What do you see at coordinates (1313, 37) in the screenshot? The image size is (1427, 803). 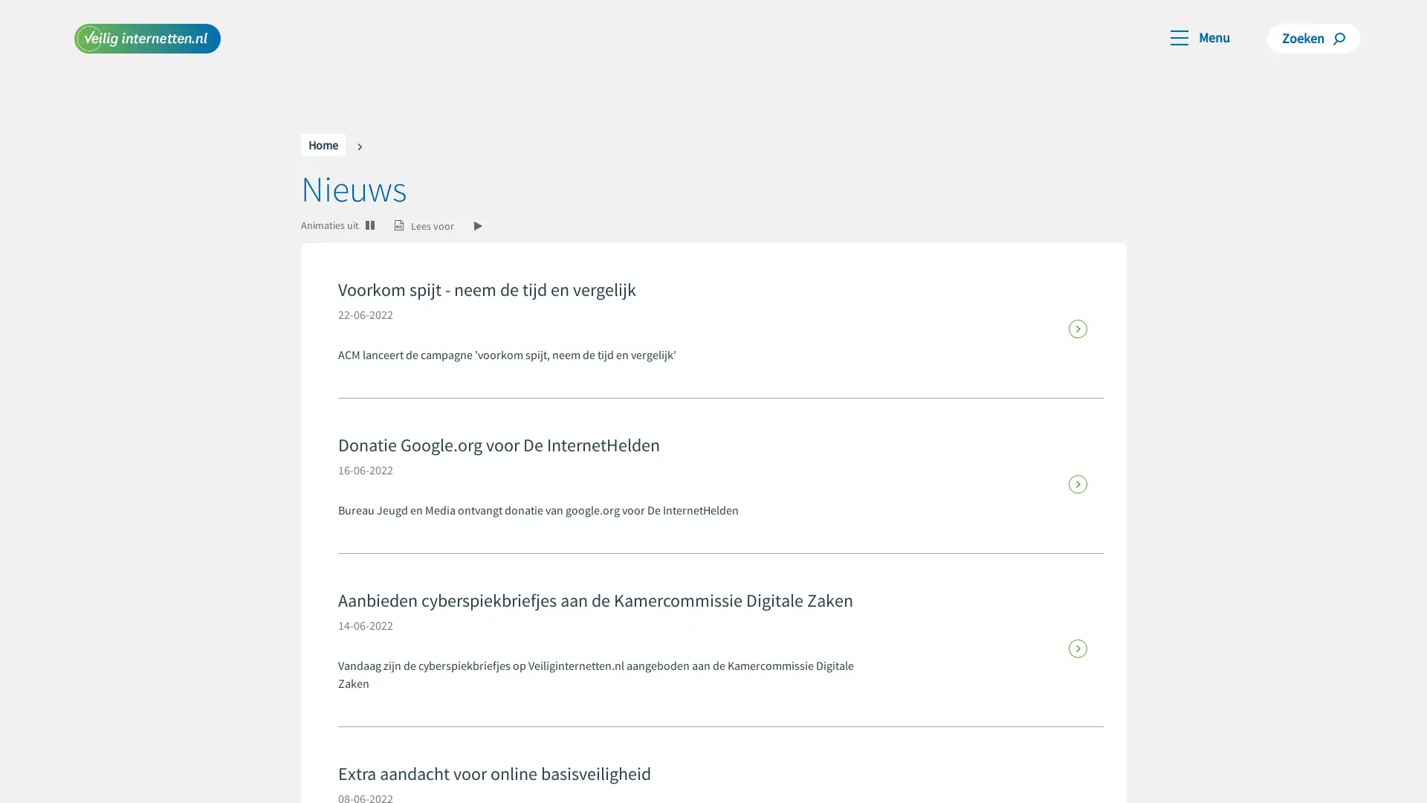 I see `Zoeken Zoeken` at bounding box center [1313, 37].